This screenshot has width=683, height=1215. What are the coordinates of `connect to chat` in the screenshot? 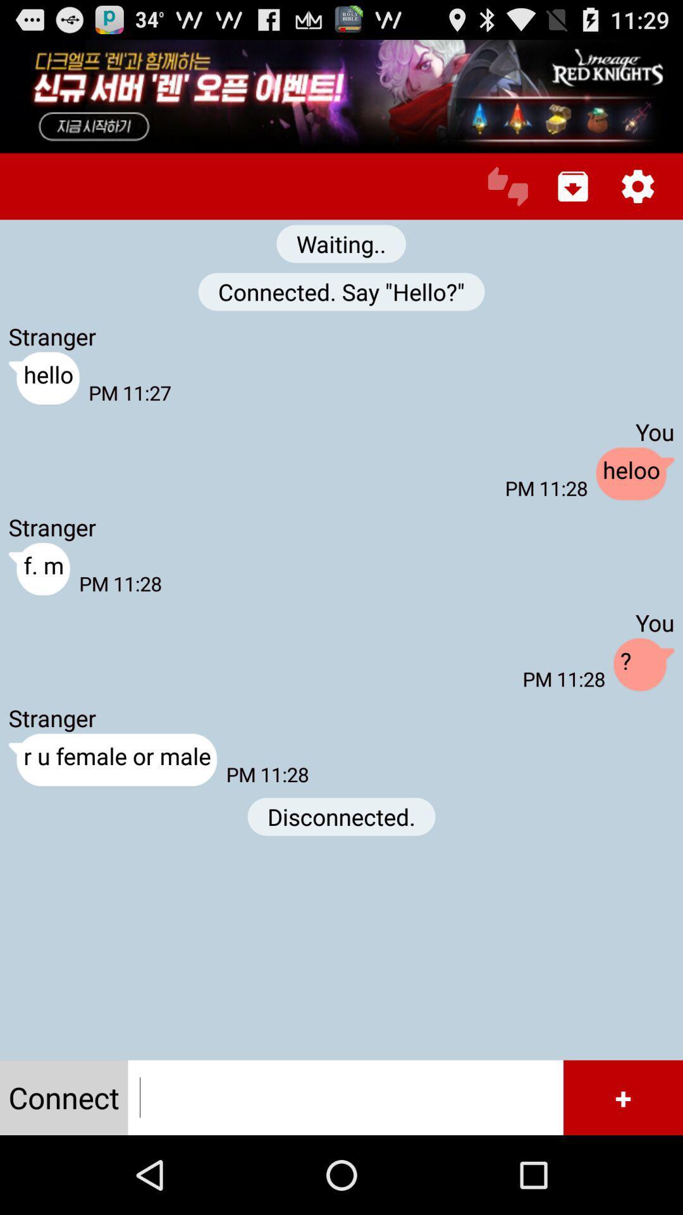 It's located at (507, 185).